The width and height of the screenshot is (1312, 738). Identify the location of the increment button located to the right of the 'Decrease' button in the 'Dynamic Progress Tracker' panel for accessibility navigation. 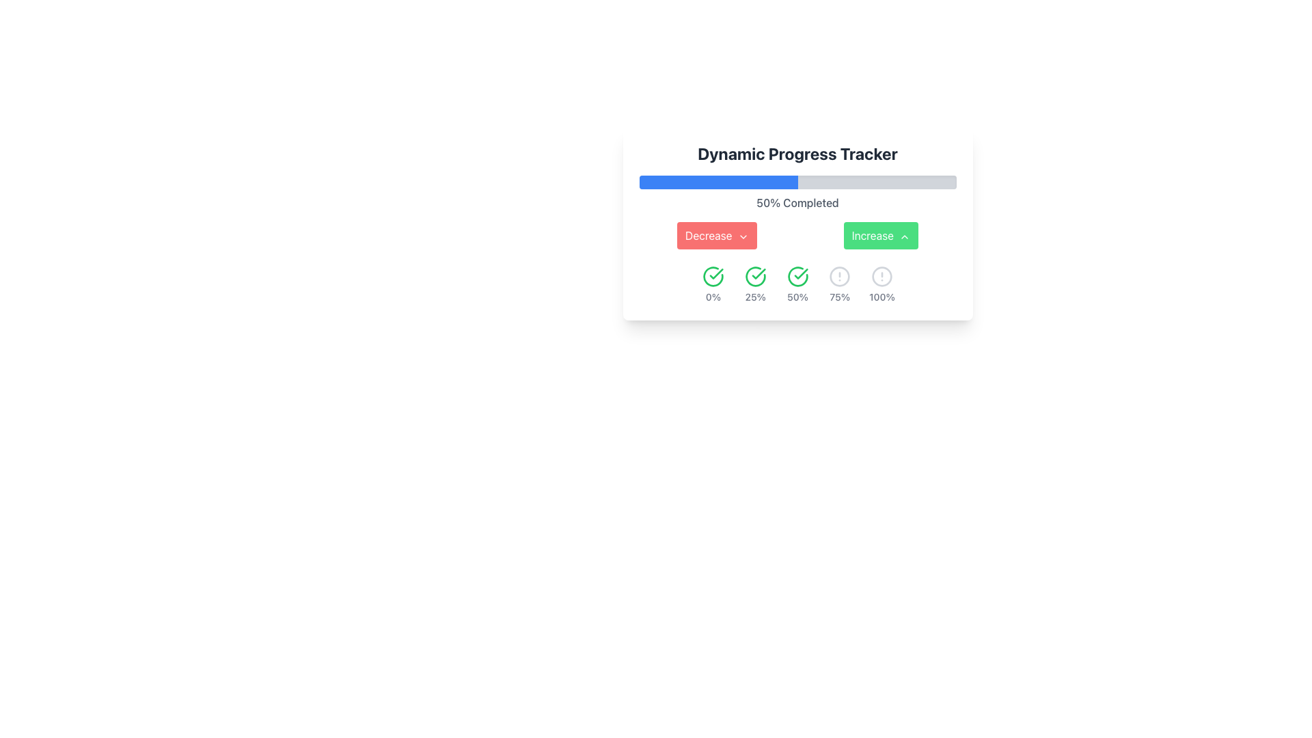
(881, 234).